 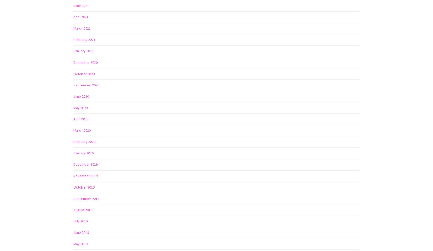 What do you see at coordinates (85, 175) in the screenshot?
I see `'November 2019'` at bounding box center [85, 175].